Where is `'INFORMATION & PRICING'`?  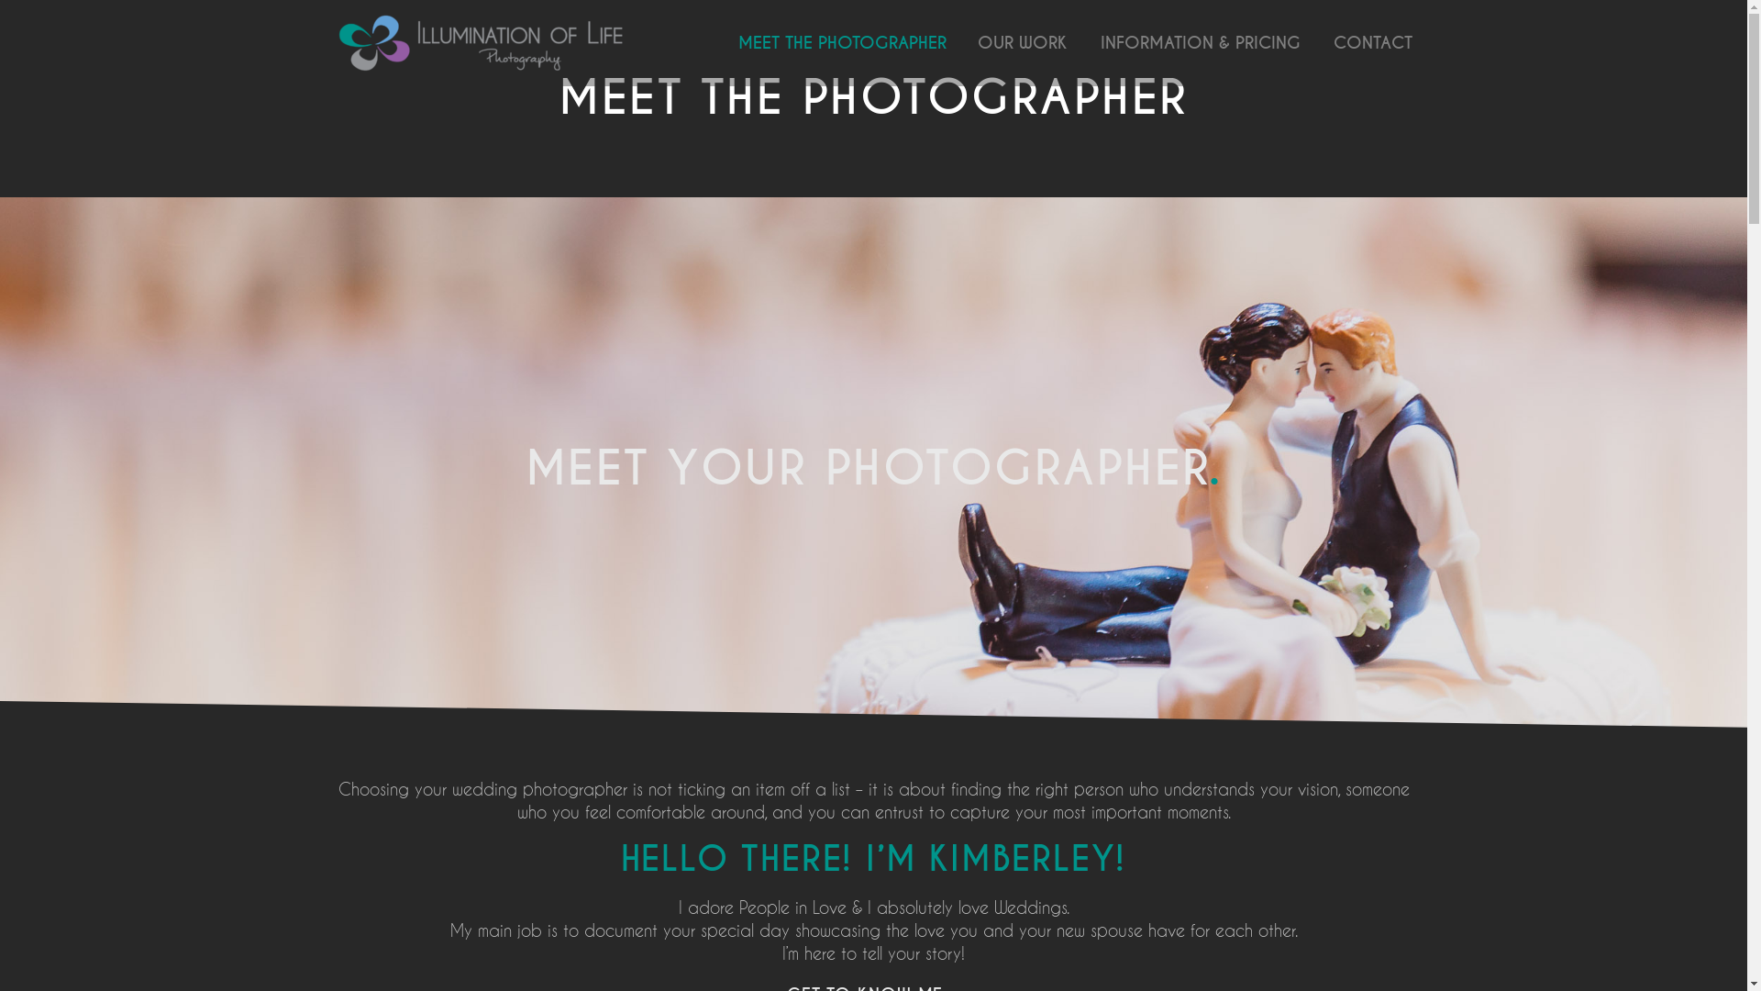
'INFORMATION & PRICING' is located at coordinates (1200, 41).